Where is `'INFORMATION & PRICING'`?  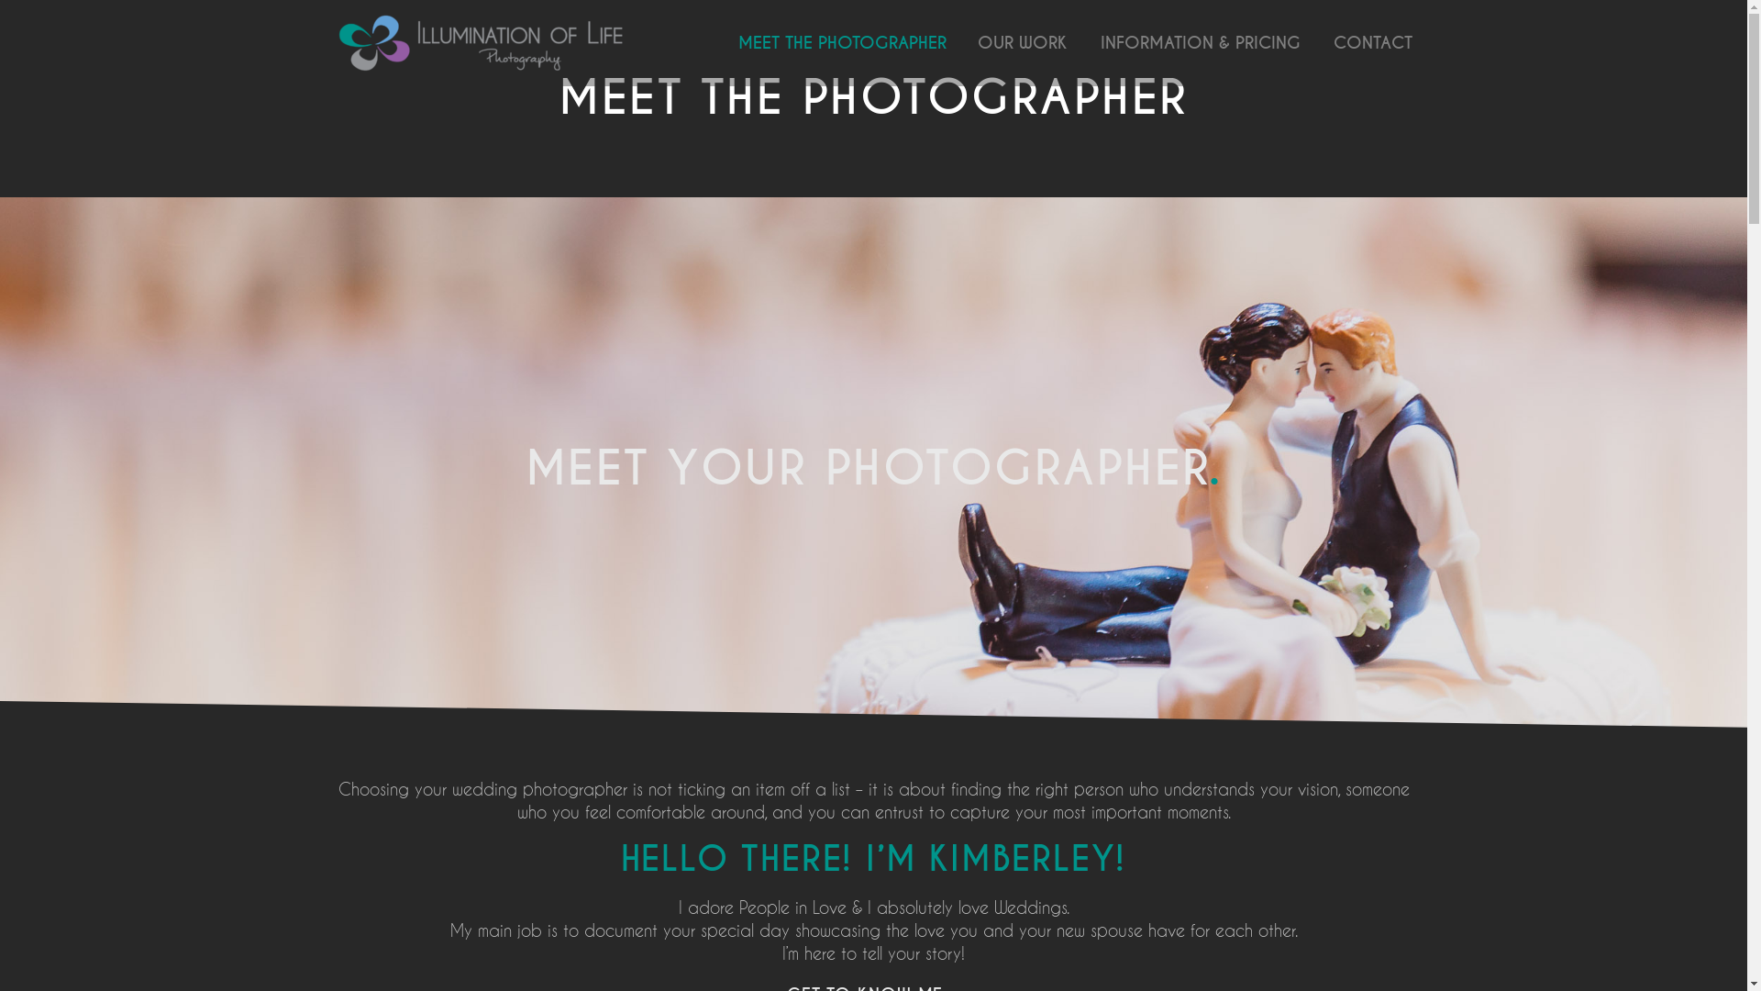
'INFORMATION & PRICING' is located at coordinates (1200, 41).